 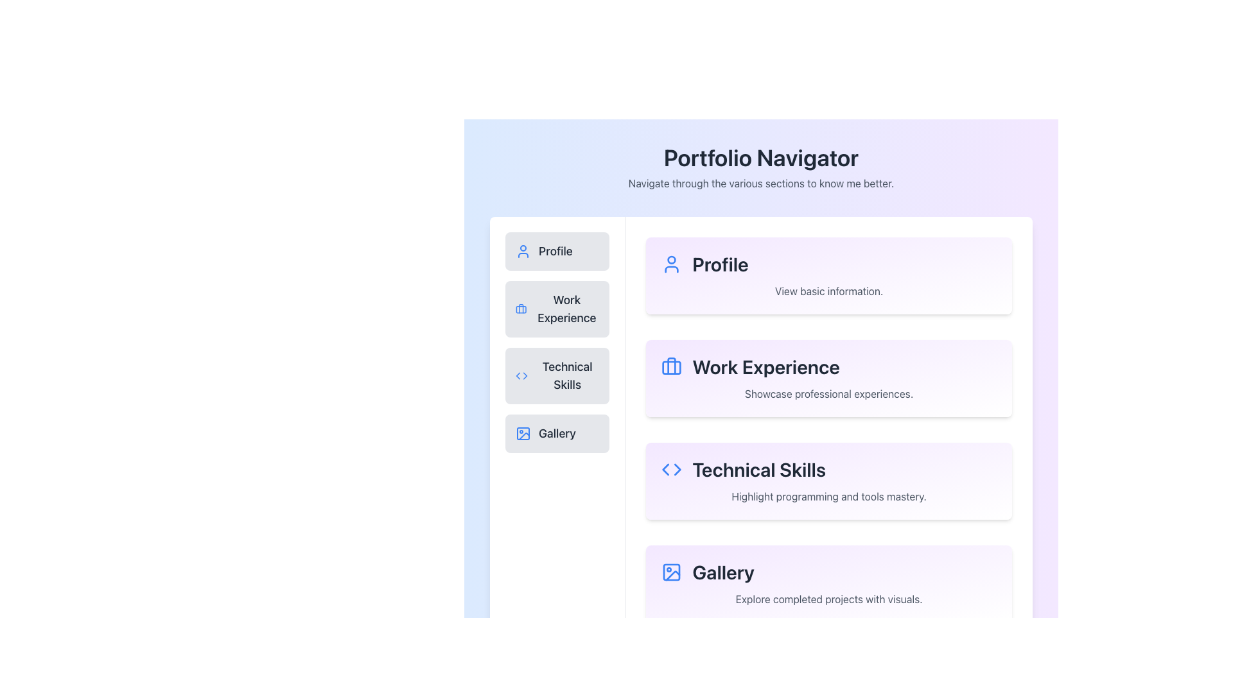 What do you see at coordinates (671, 368) in the screenshot?
I see `the base rectangle of the briefcase icon representing 'Work Experience' located at the second vertical position in the sidebar navigation` at bounding box center [671, 368].